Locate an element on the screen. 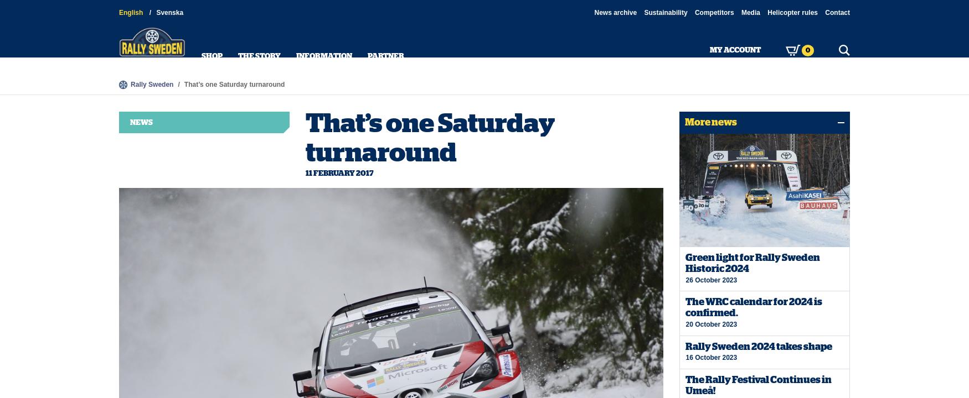  'News' is located at coordinates (130, 122).